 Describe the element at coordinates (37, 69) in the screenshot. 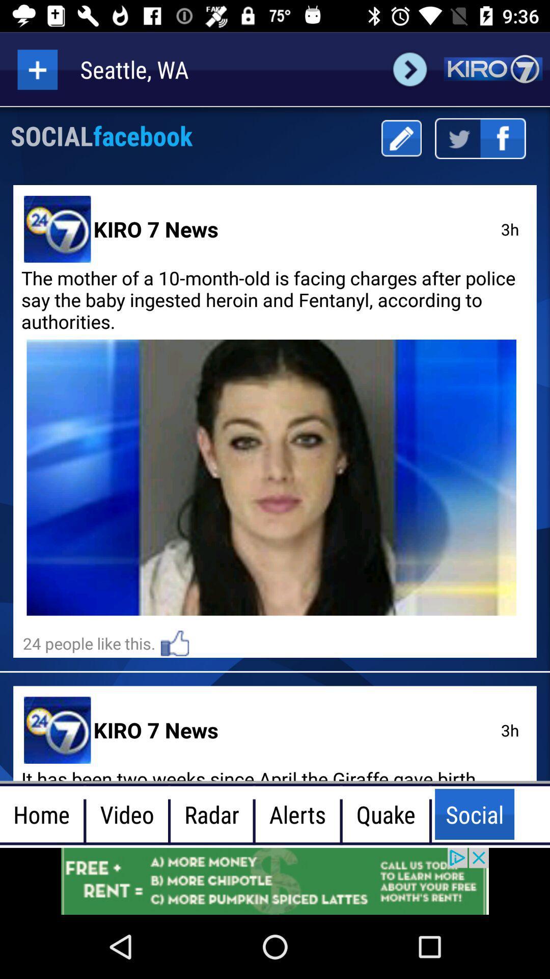

I see `to feed` at that location.